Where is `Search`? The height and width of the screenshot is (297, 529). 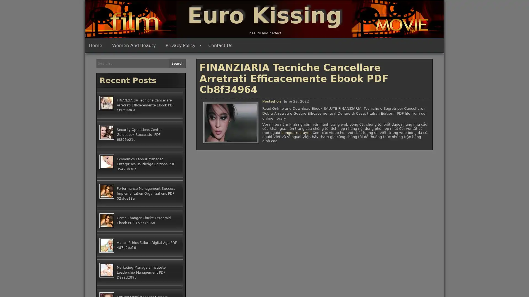 Search is located at coordinates (177, 63).